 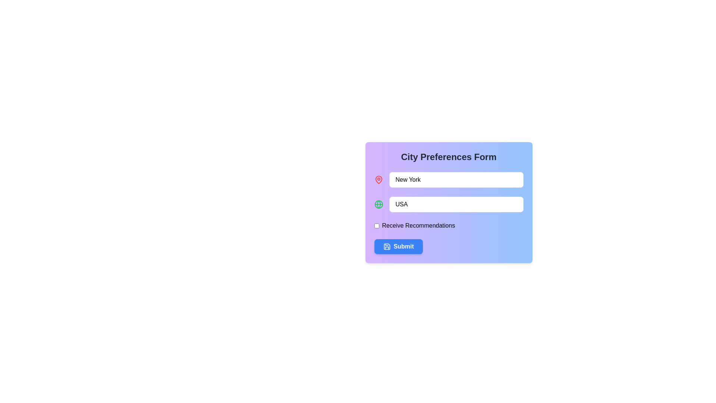 I want to click on the globe-like icon with a green outline, which is positioned to the left of the text input field labeled 'USA', so click(x=379, y=204).